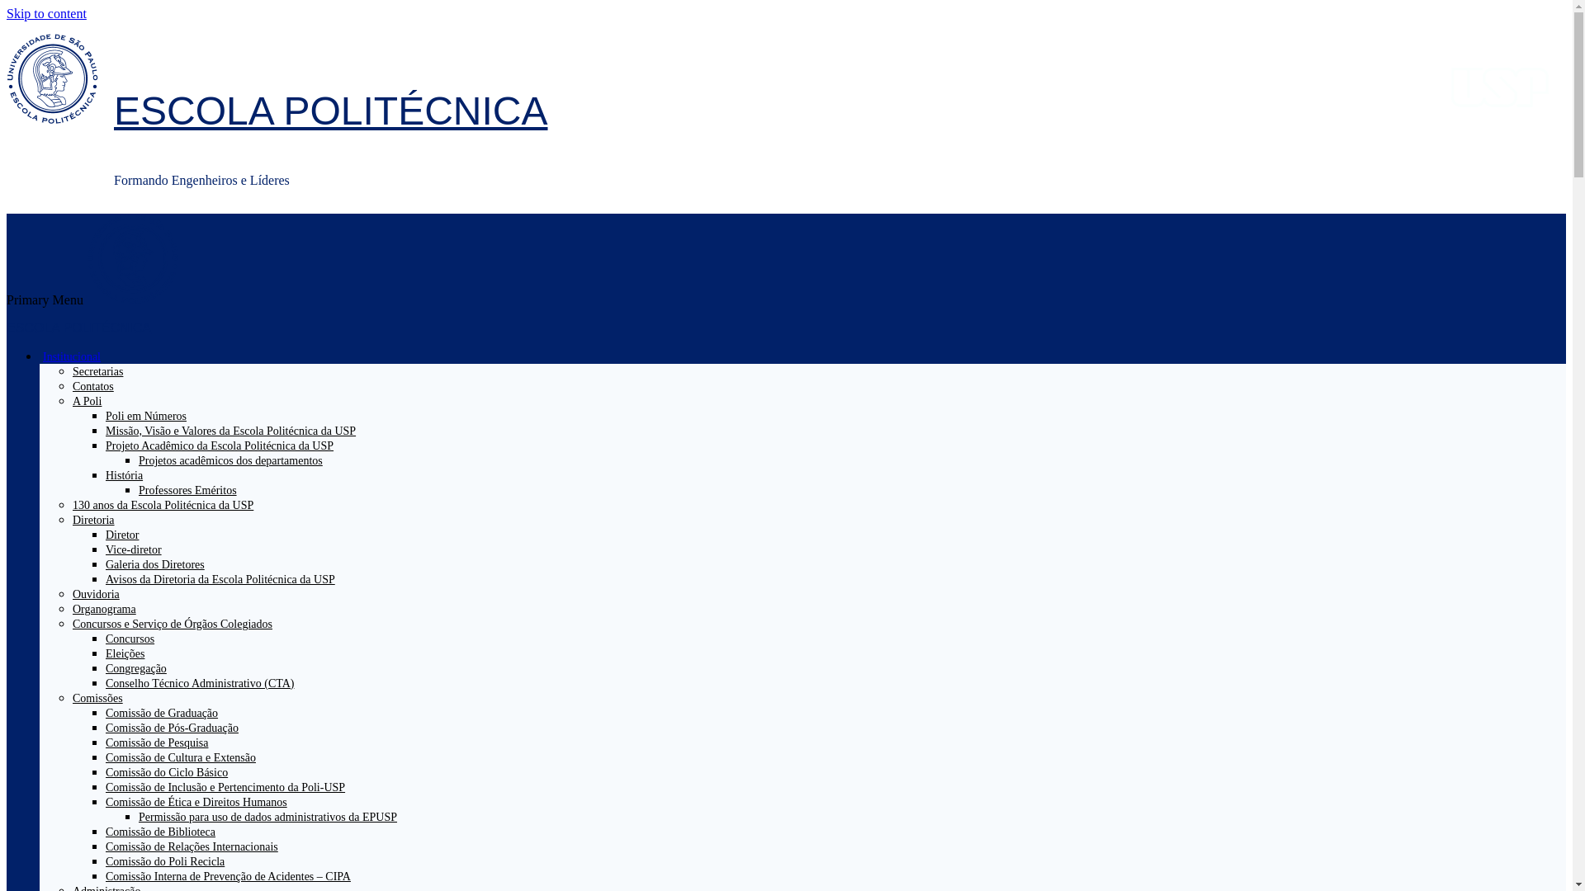  What do you see at coordinates (105, 563) in the screenshot?
I see `'Galeria dos Diretores'` at bounding box center [105, 563].